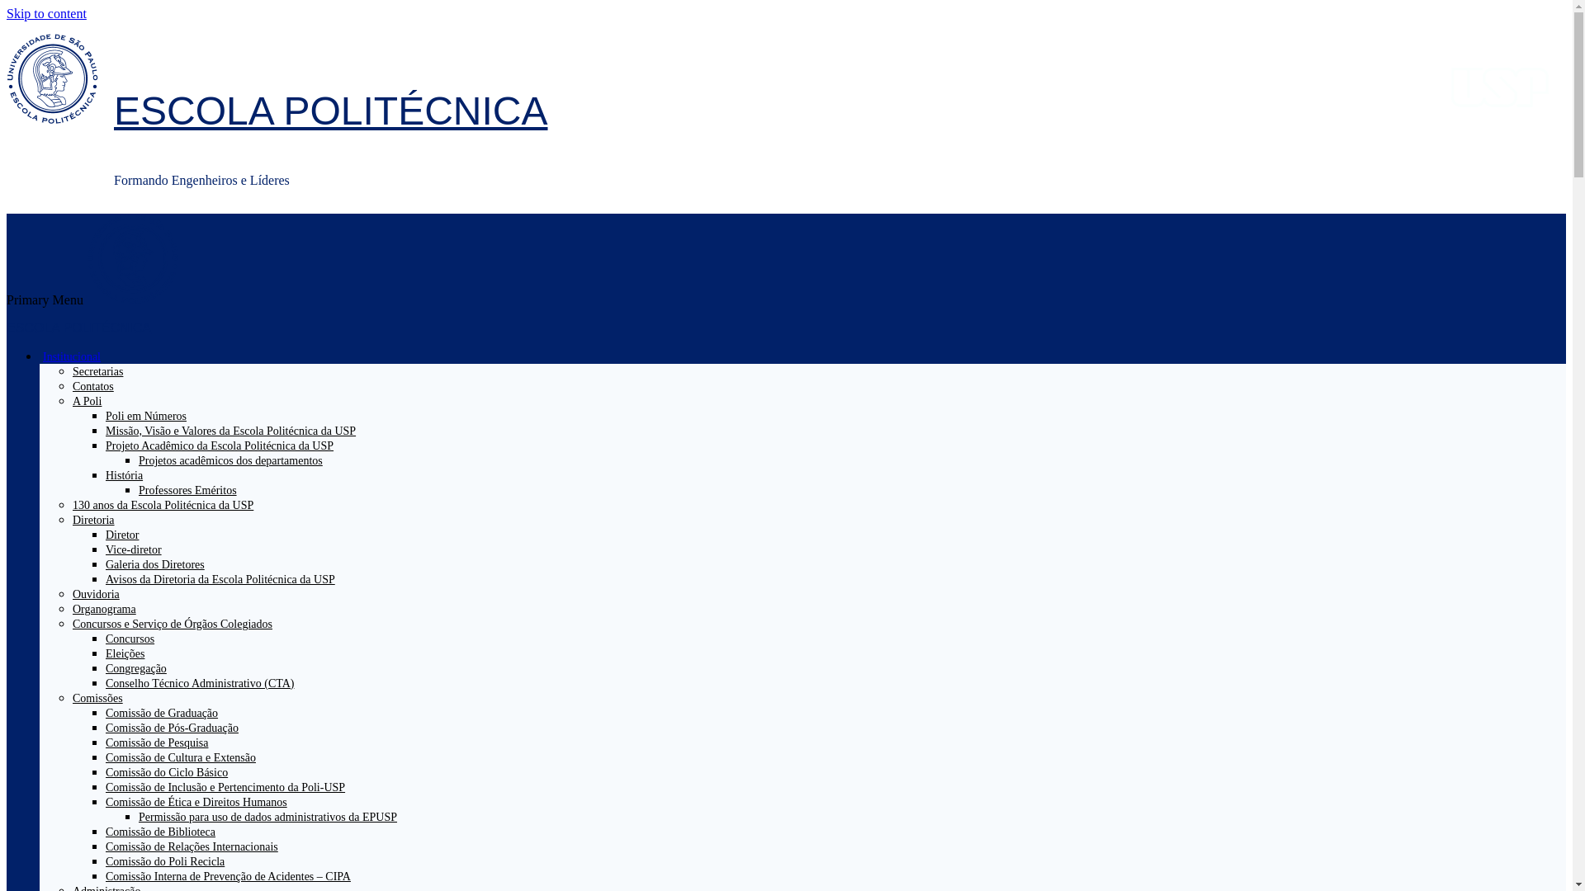  What do you see at coordinates (105, 563) in the screenshot?
I see `'Galeria dos Diretores'` at bounding box center [105, 563].